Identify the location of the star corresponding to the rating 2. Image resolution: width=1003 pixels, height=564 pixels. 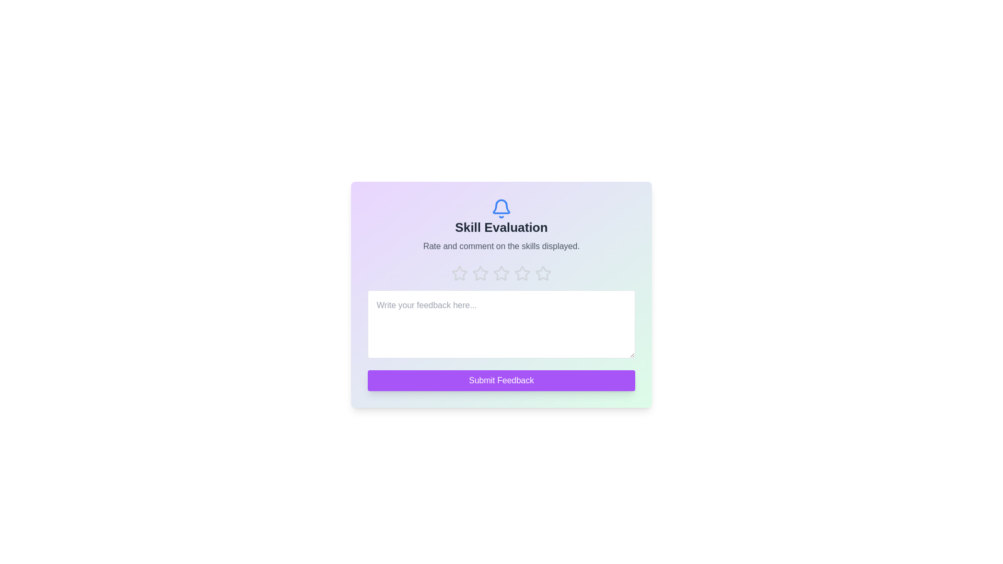
(480, 273).